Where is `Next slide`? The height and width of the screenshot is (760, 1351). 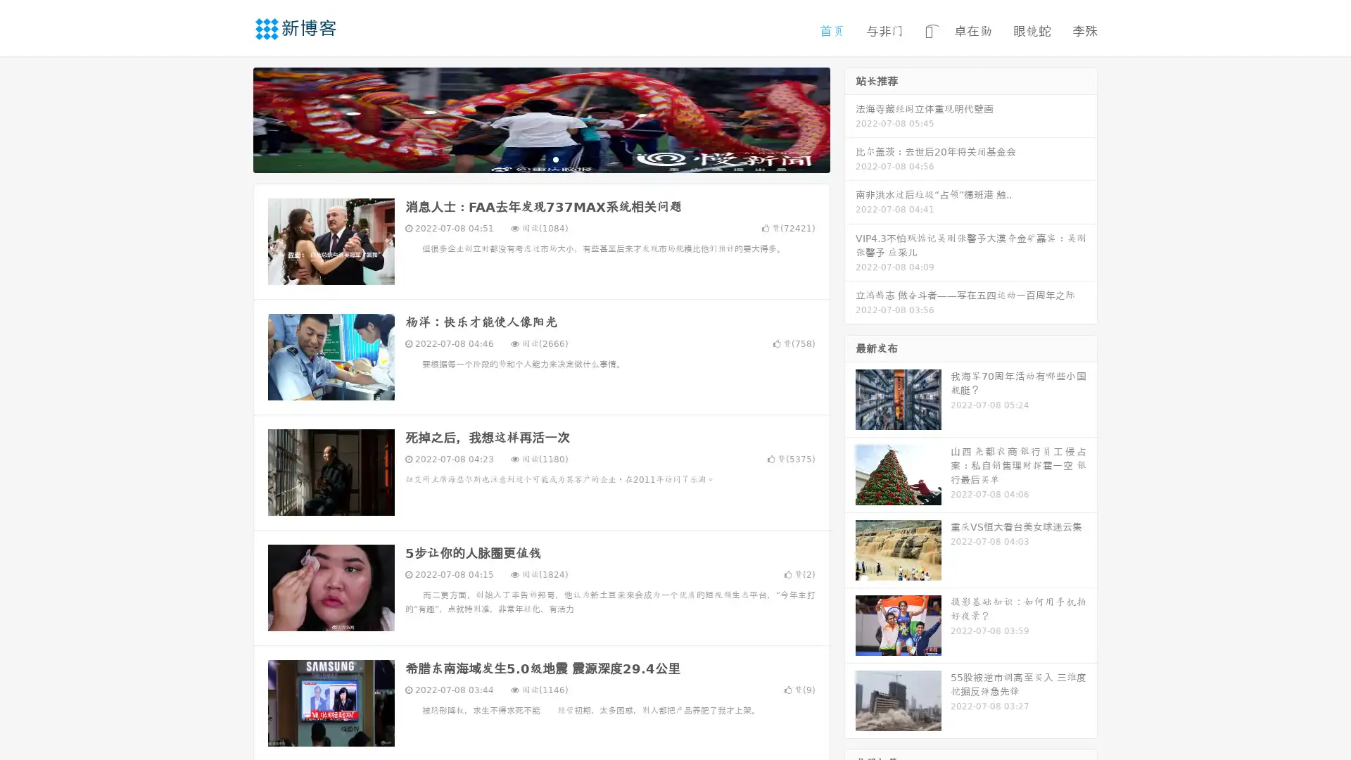 Next slide is located at coordinates (850, 118).